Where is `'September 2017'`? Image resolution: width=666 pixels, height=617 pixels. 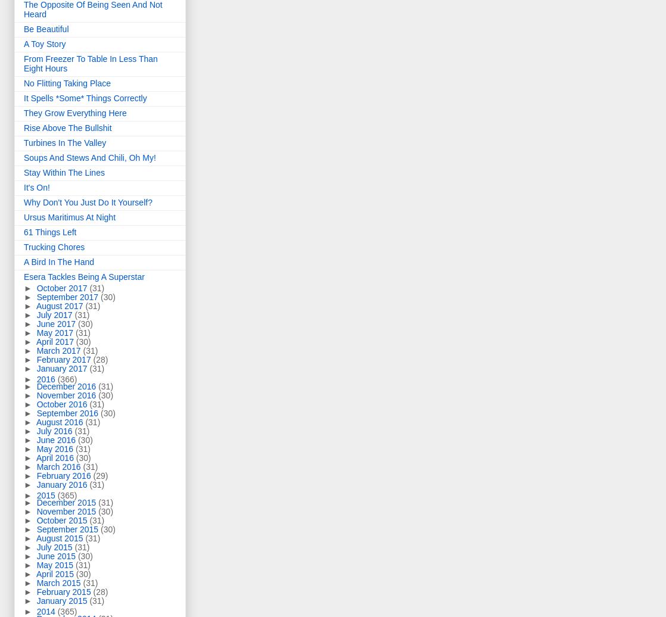
'September 2017' is located at coordinates (36, 297).